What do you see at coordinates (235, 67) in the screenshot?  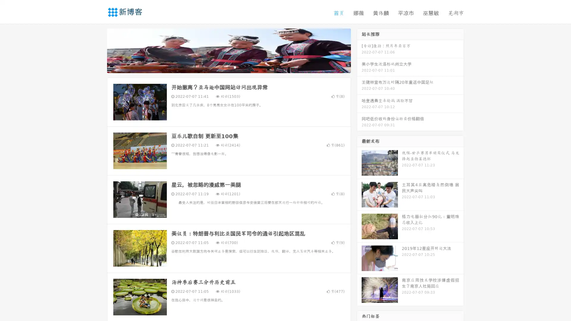 I see `Go to slide 3` at bounding box center [235, 67].